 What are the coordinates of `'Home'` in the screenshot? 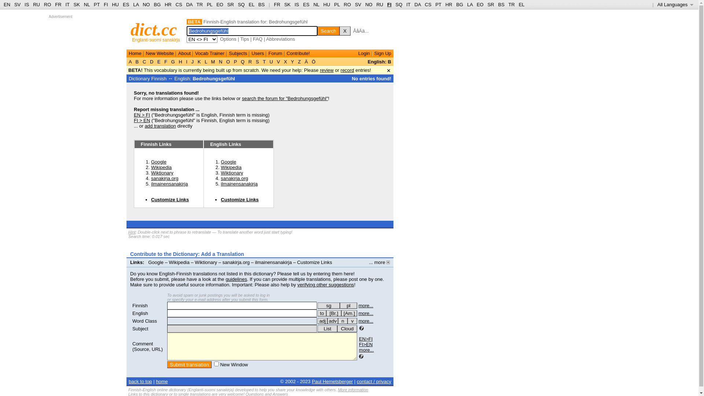 It's located at (128, 53).